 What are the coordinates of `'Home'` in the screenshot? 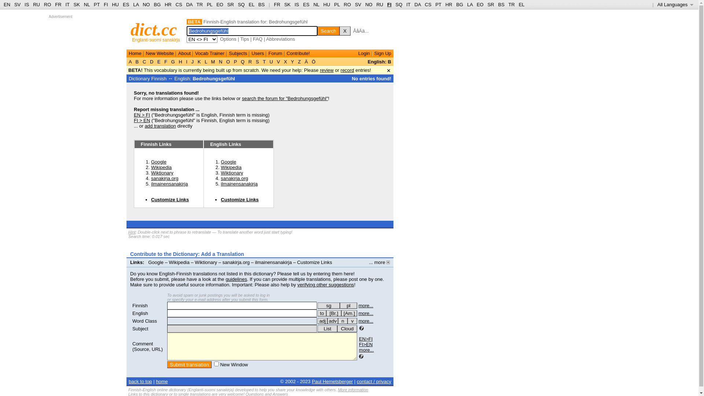 It's located at (128, 53).